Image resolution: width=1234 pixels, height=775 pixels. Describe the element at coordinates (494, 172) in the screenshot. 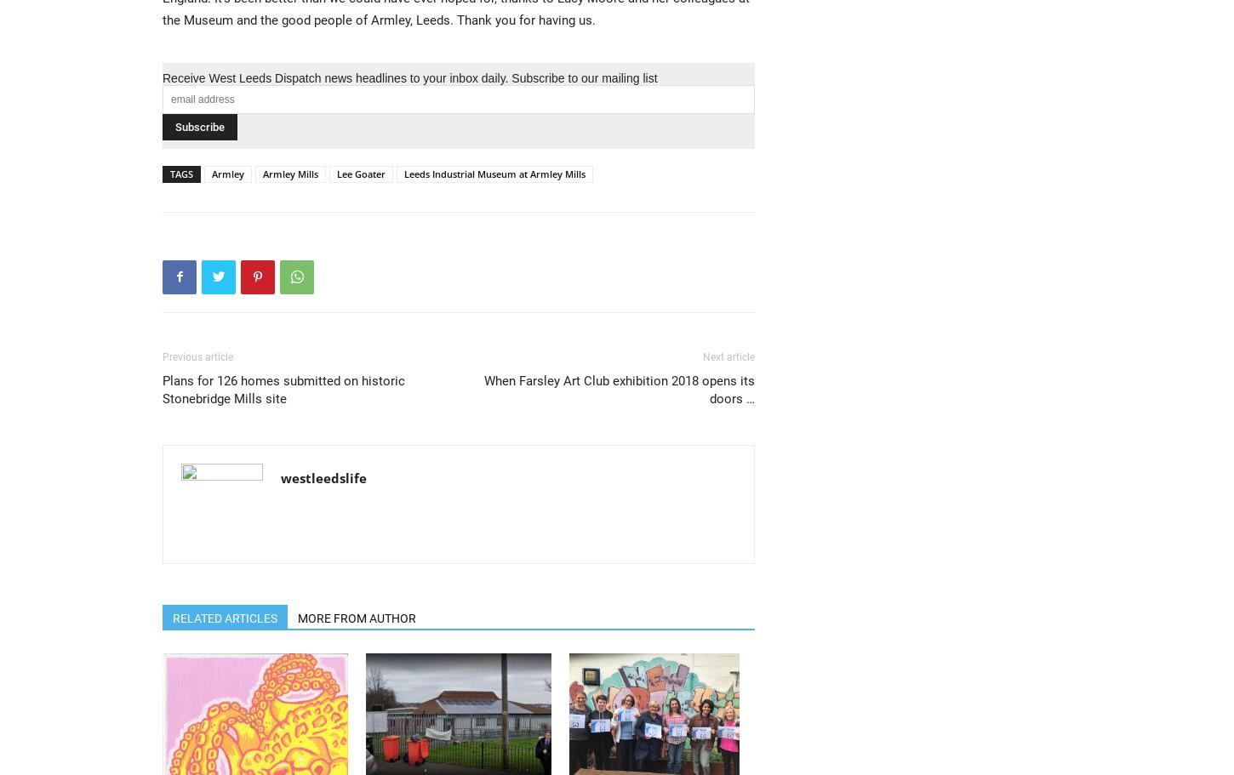

I see `'Leeds Industrial Museum at Armley Mills'` at that location.